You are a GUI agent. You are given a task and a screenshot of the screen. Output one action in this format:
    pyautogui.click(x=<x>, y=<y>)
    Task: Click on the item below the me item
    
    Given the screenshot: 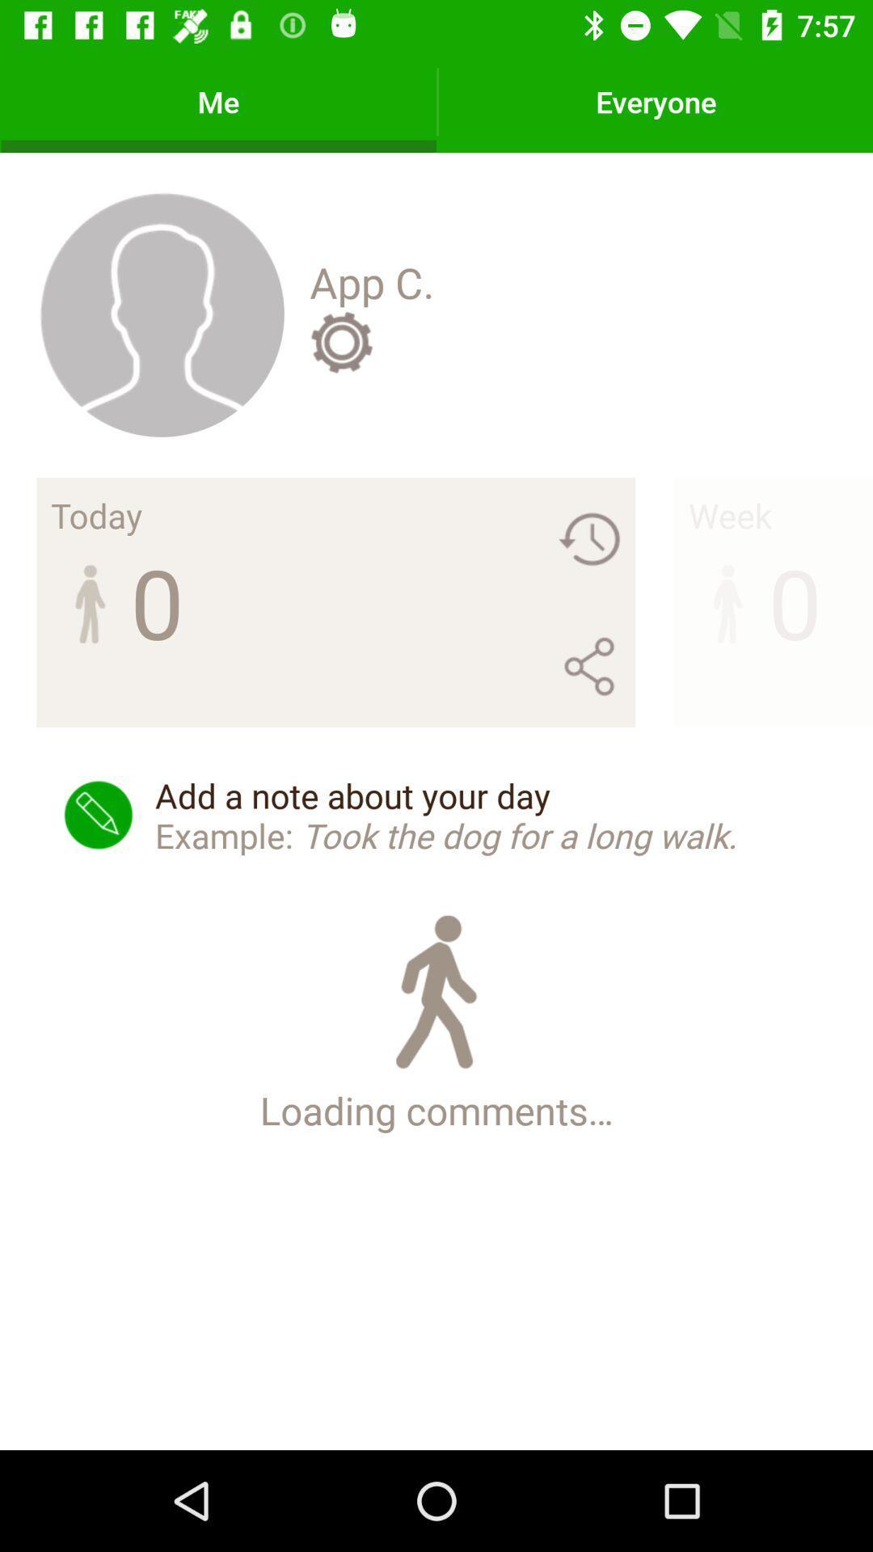 What is the action you would take?
    pyautogui.click(x=161, y=314)
    